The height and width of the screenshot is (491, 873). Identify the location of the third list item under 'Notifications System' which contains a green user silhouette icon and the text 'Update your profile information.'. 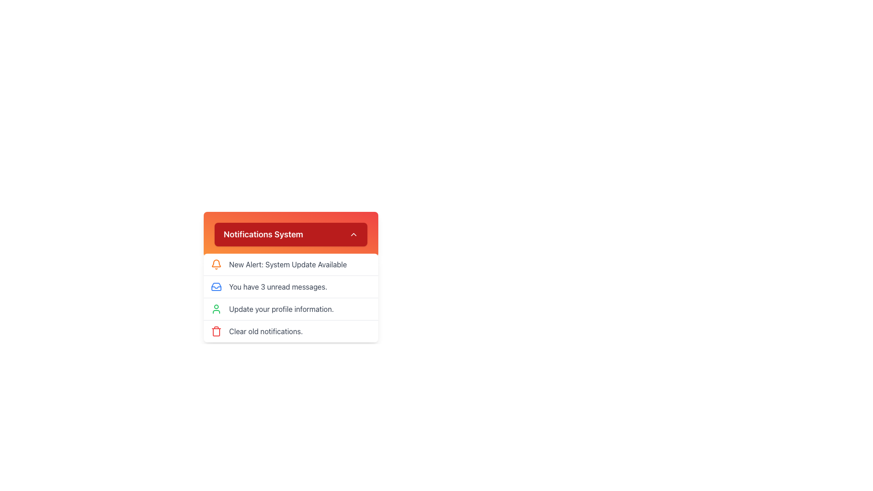
(290, 308).